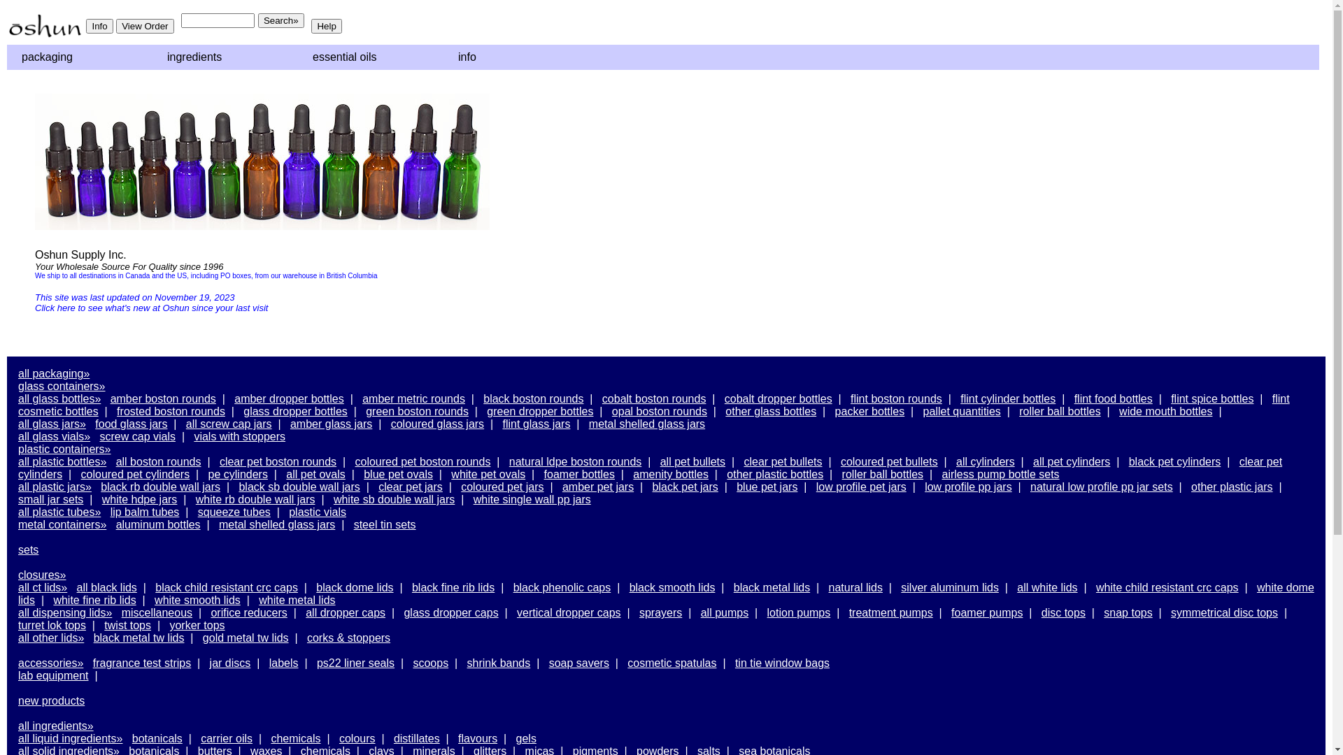 The width and height of the screenshot is (1343, 755). What do you see at coordinates (325, 26) in the screenshot?
I see `'Help'` at bounding box center [325, 26].